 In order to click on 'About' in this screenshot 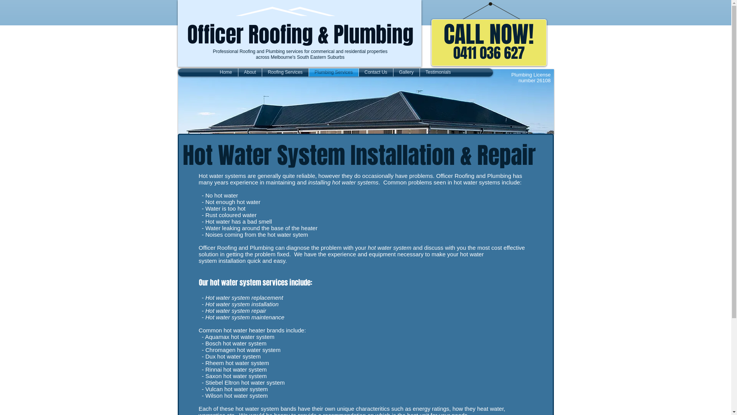, I will do `click(250, 72)`.